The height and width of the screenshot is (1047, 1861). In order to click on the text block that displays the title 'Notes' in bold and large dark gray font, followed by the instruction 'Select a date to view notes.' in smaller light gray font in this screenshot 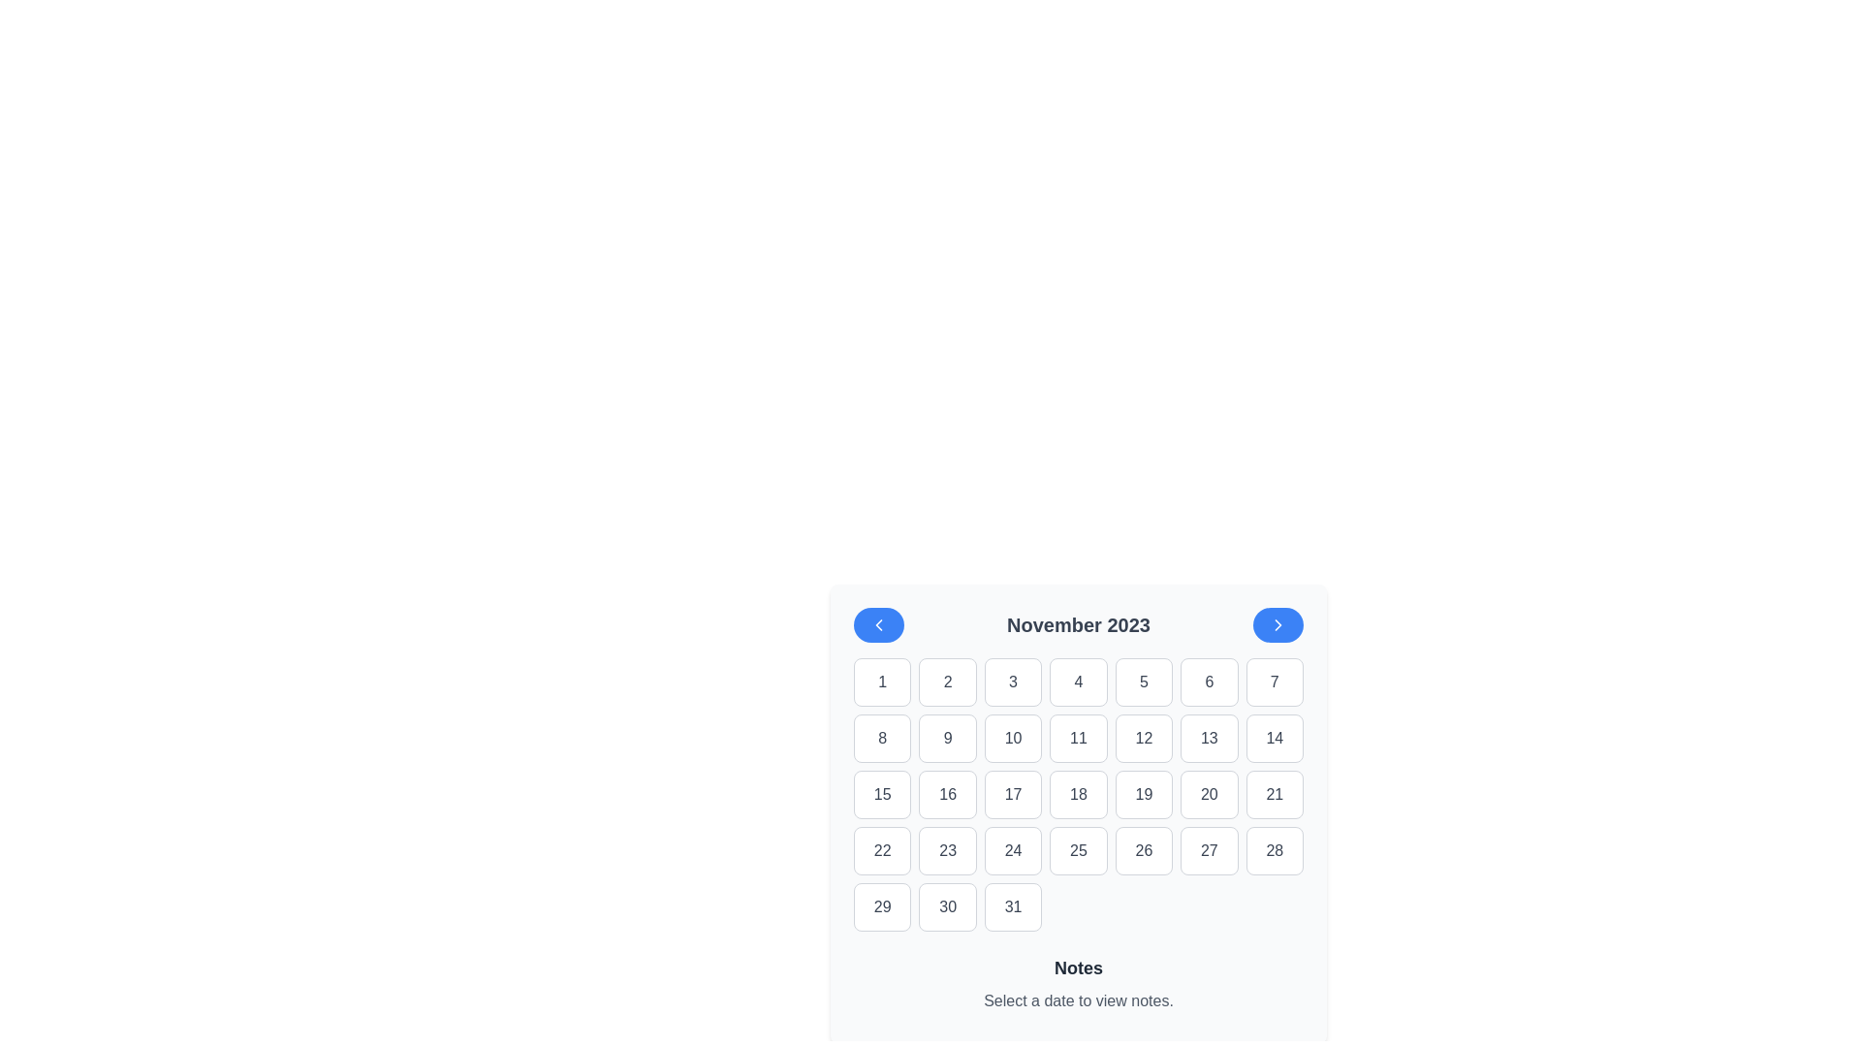, I will do `click(1078, 987)`.